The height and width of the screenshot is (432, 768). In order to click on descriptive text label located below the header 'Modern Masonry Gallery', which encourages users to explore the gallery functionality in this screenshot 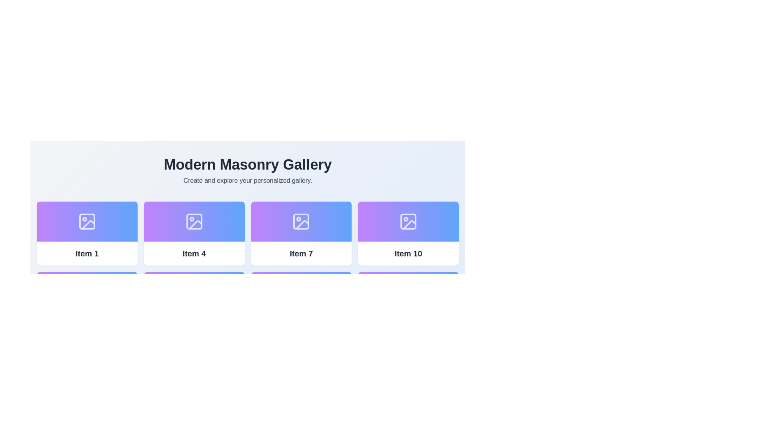, I will do `click(247, 180)`.